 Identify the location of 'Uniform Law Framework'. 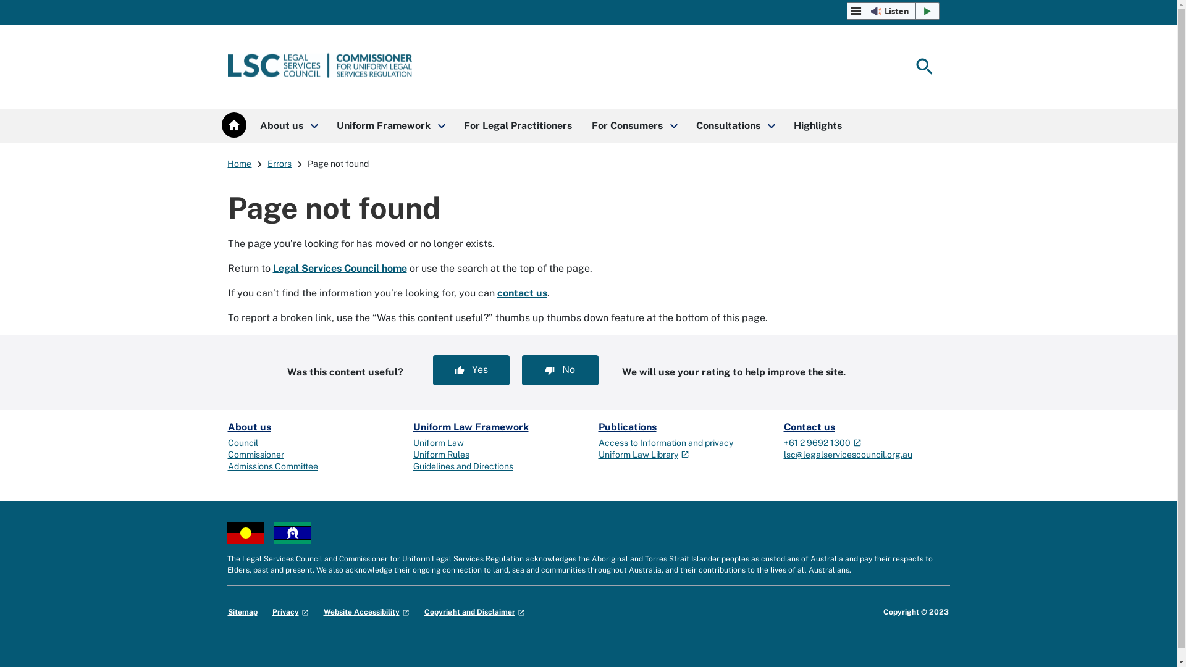
(469, 426).